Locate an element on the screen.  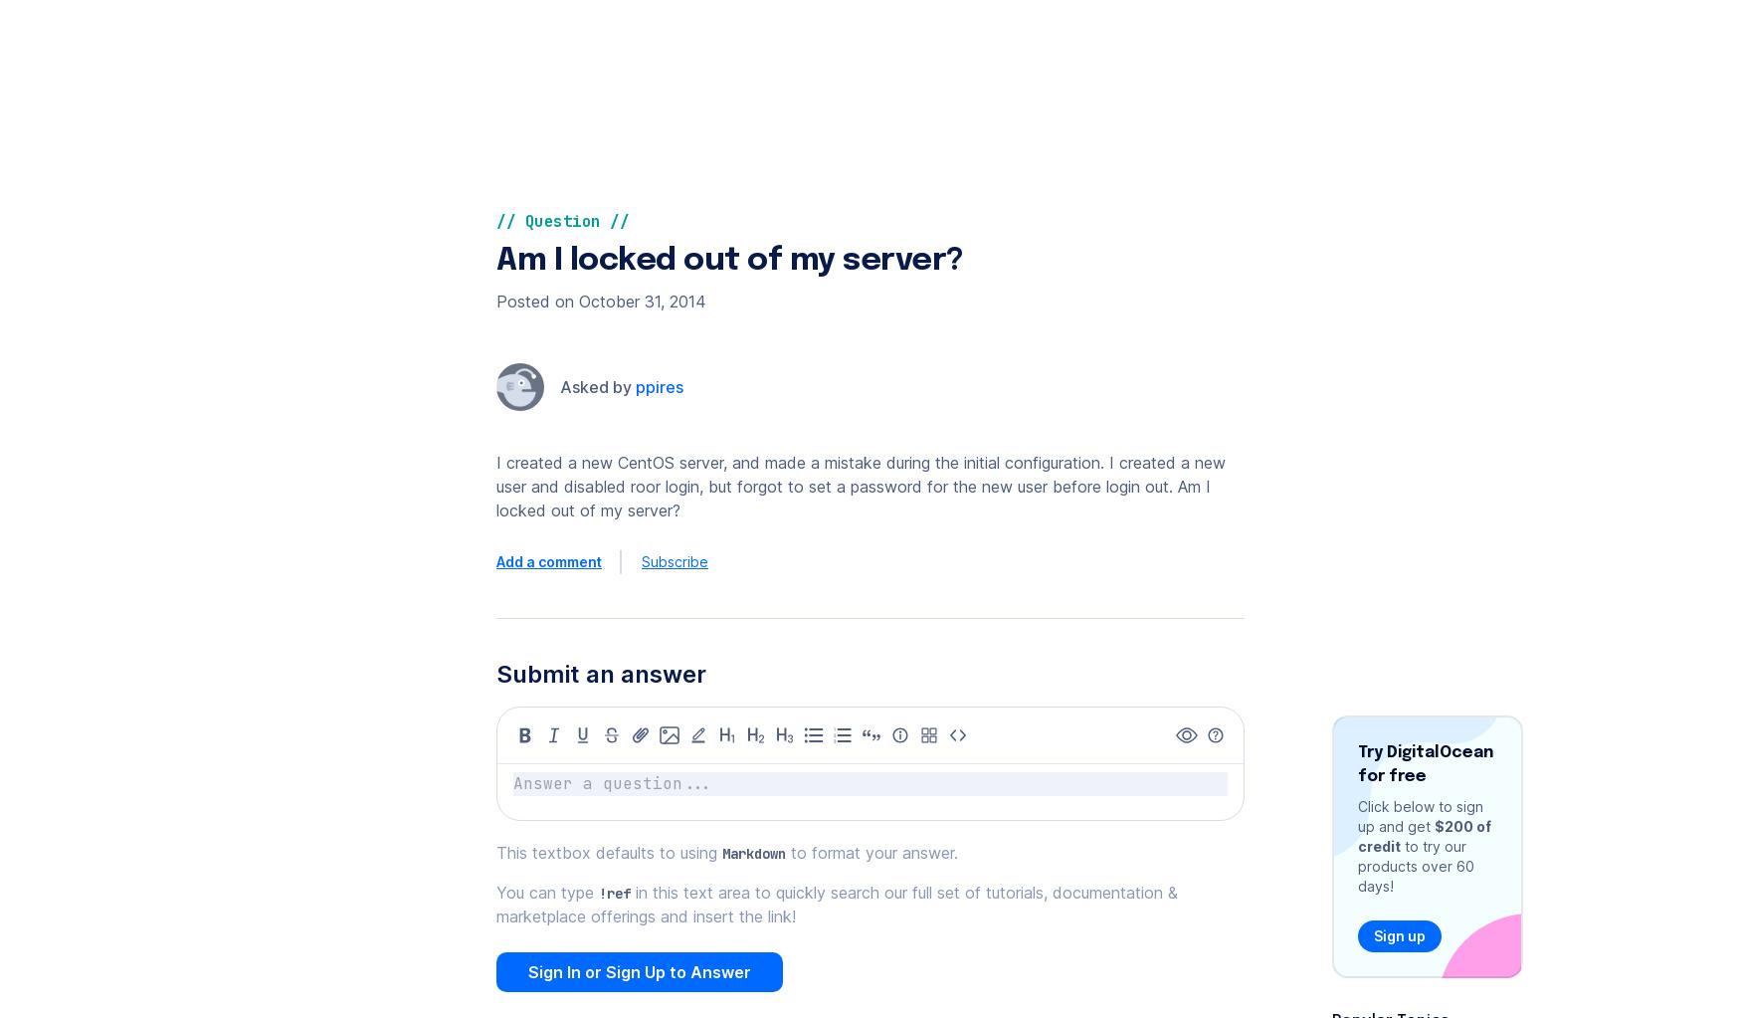
'Machine Learning in Python' is located at coordinates (735, 60).